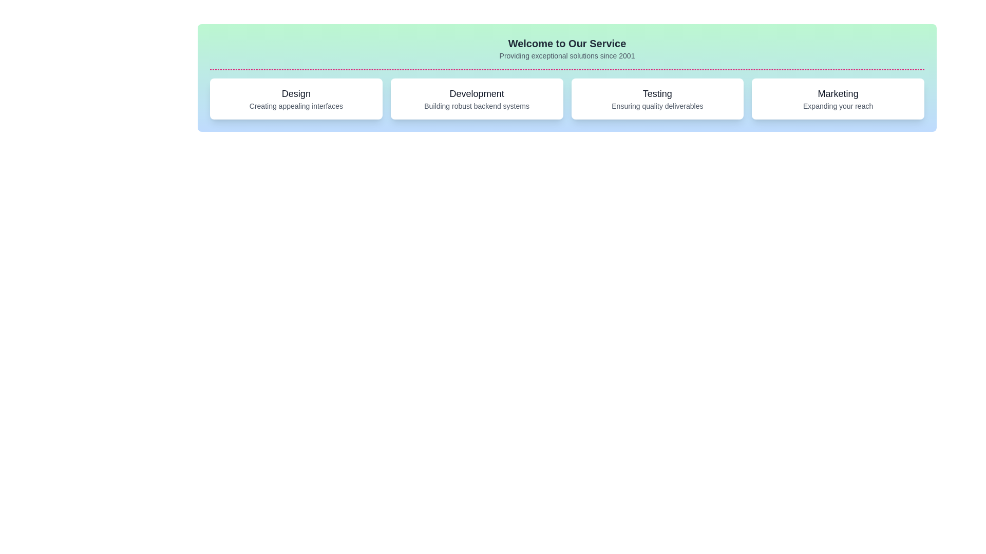  I want to click on text label that says 'Welcome to Our Service', which is styled in bold grayish-black font against a green background, so click(566, 43).